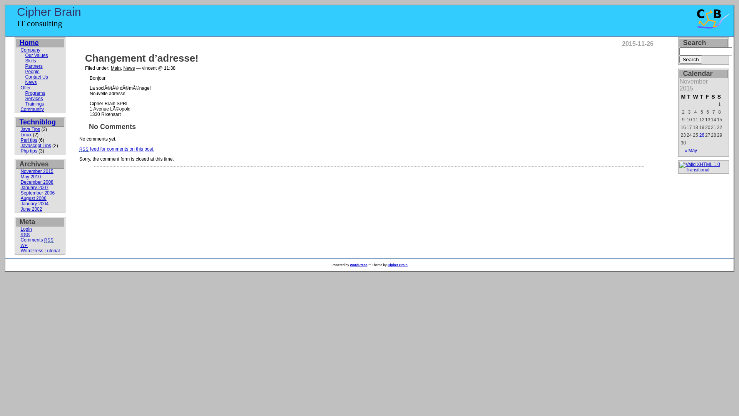 The width and height of the screenshot is (739, 416). Describe the element at coordinates (30, 129) in the screenshot. I see `'Java Tips'` at that location.